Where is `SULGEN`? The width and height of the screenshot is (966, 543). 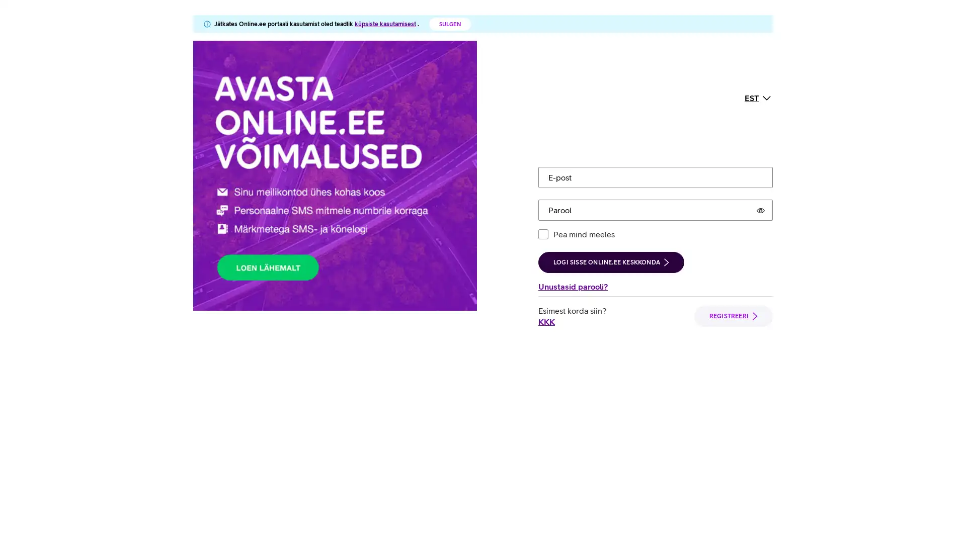 SULGEN is located at coordinates (449, 23).